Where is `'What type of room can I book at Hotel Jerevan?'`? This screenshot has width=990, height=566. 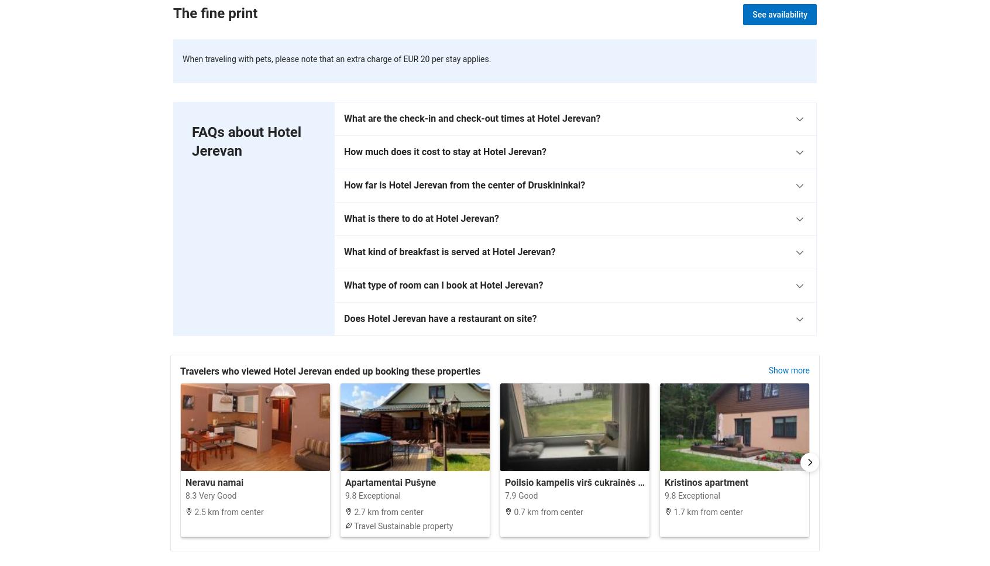
'What type of room can I book at Hotel Jerevan?' is located at coordinates (443, 284).